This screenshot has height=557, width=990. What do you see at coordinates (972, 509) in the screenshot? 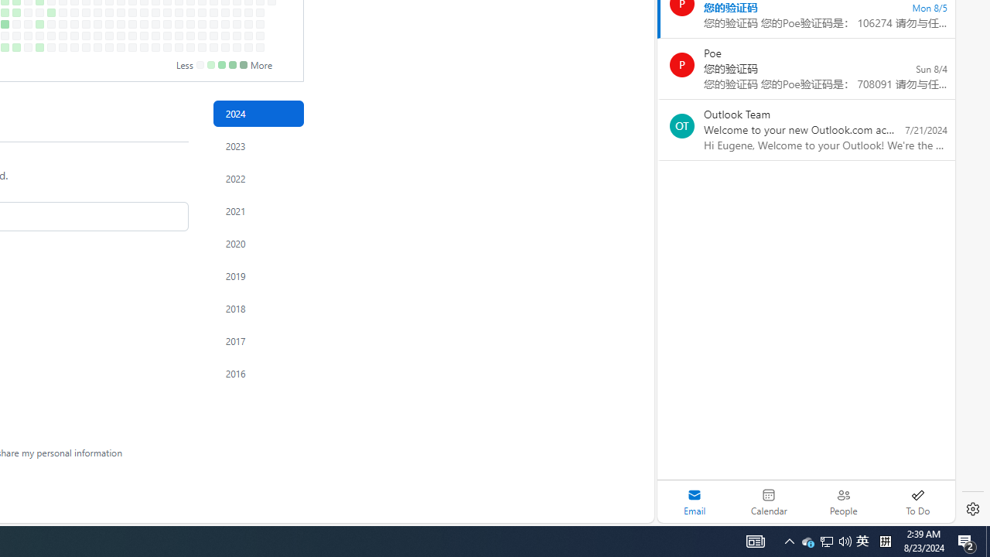
I see `'Settings'` at bounding box center [972, 509].